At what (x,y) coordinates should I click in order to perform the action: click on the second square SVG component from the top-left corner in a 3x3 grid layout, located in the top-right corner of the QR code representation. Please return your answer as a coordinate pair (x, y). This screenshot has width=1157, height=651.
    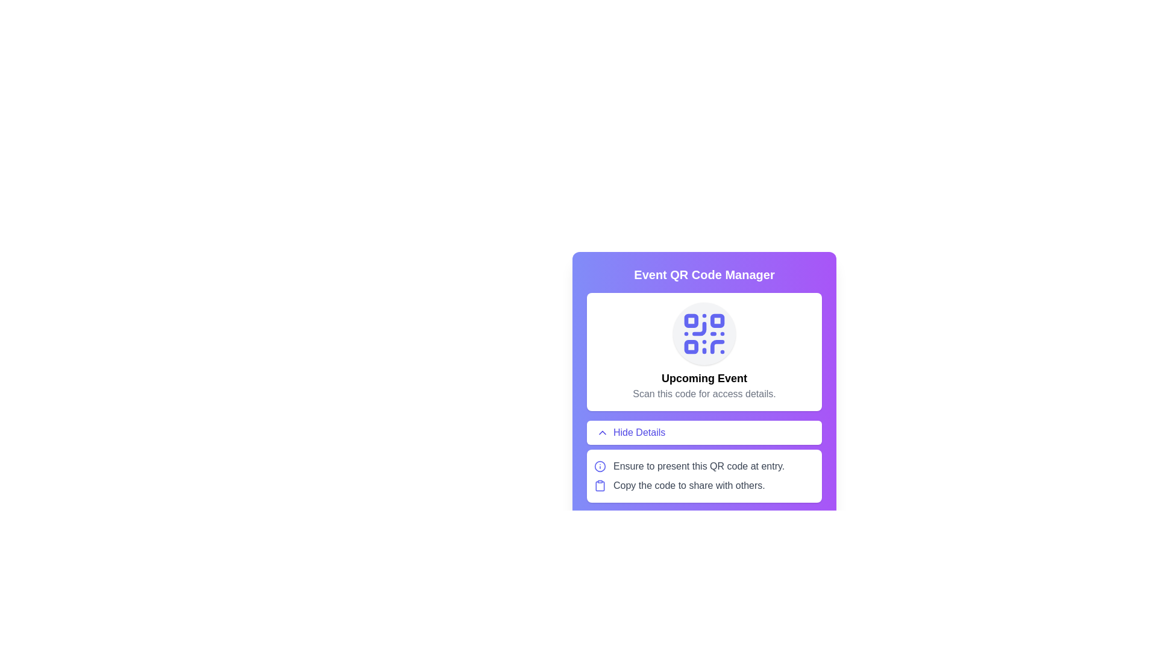
    Looking at the image, I should click on (717, 320).